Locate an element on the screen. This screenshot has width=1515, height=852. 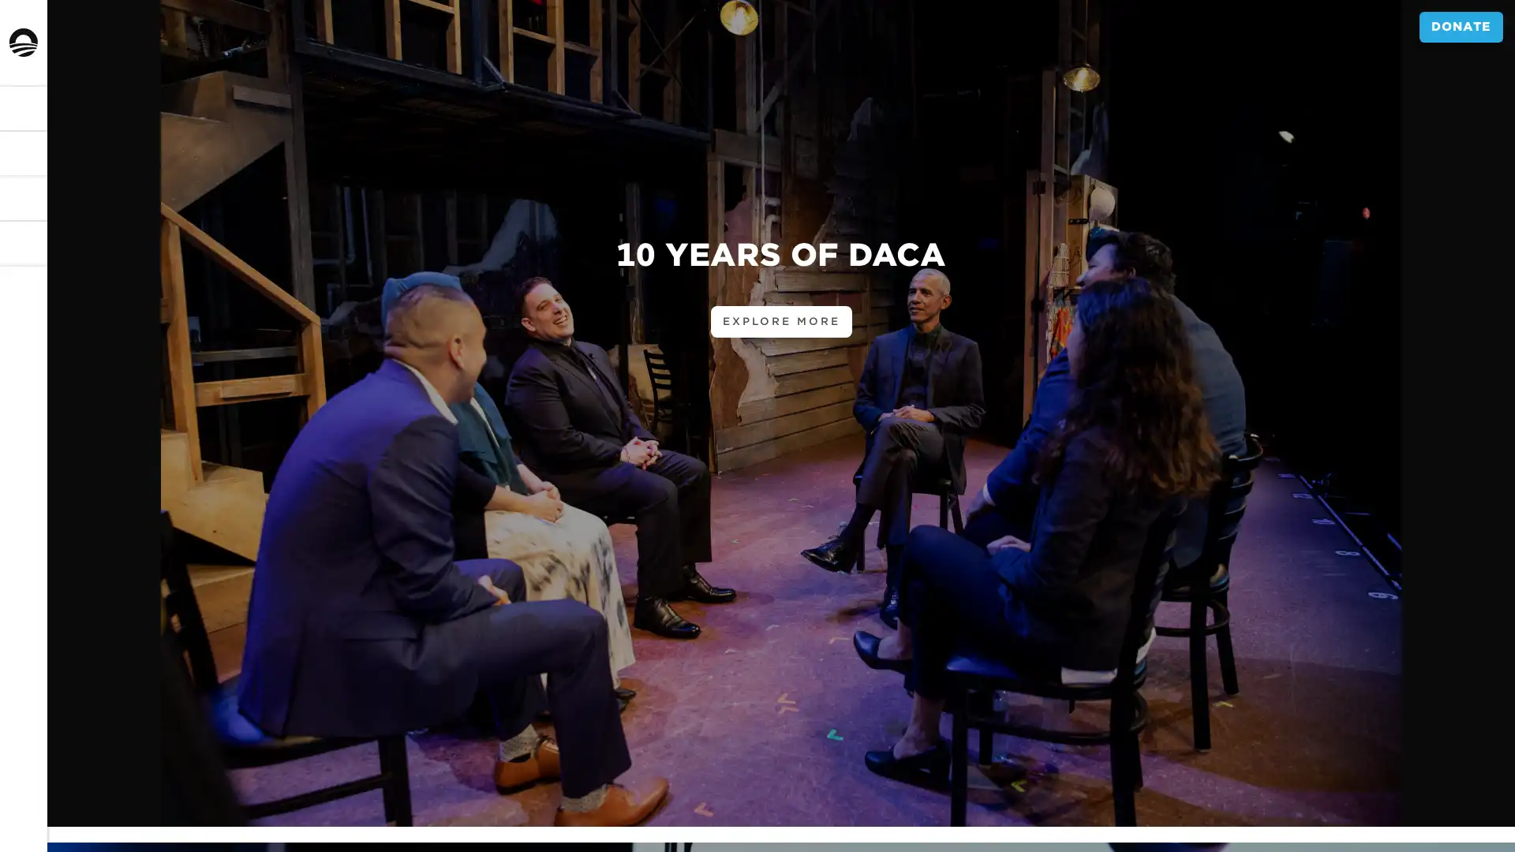
Sign up is located at coordinates (49, 484).